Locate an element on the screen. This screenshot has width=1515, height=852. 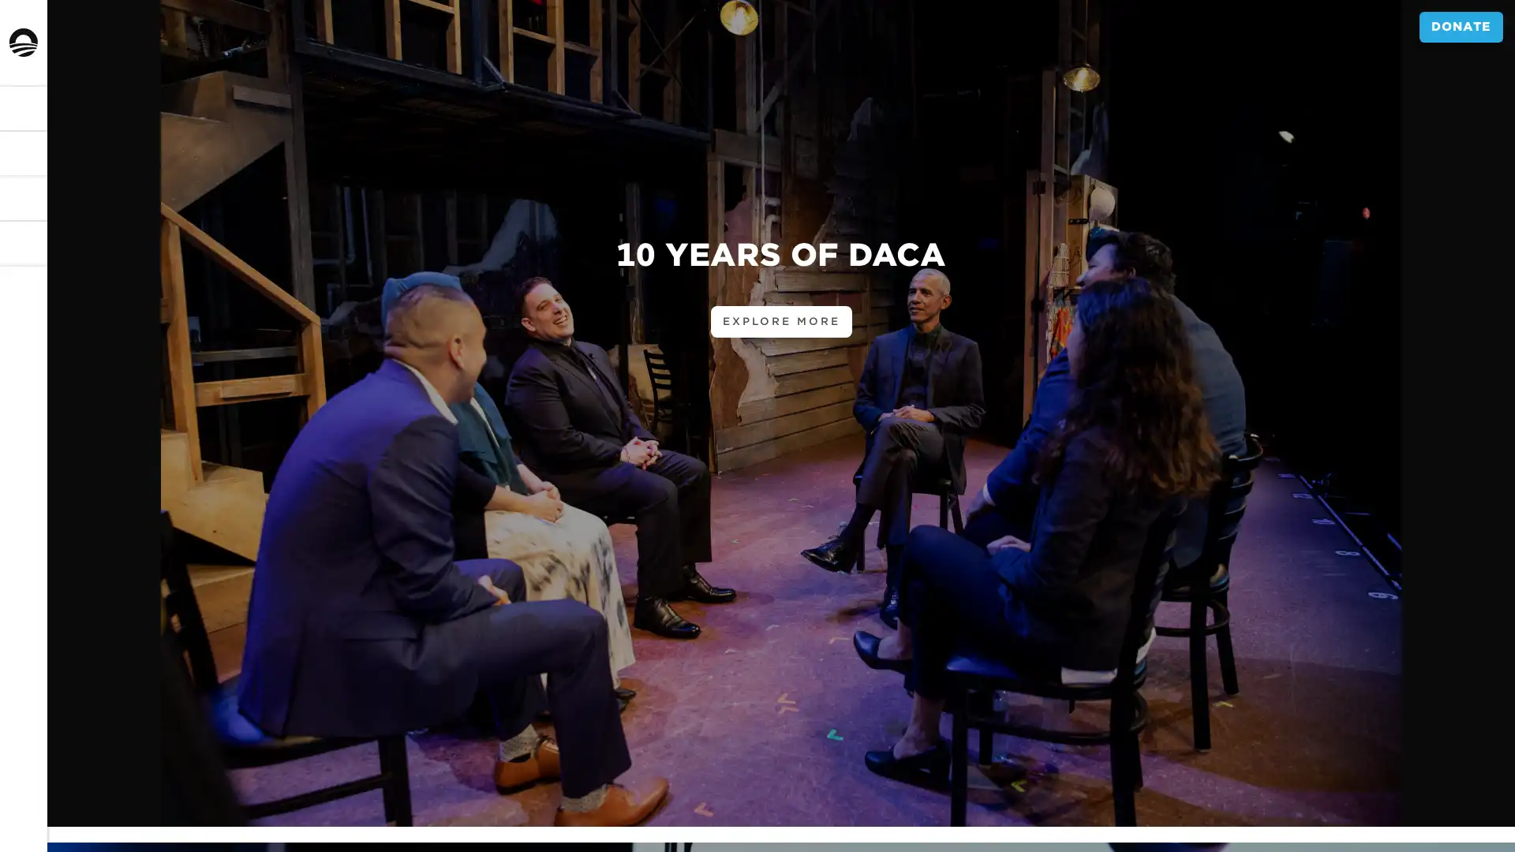
Sign up is located at coordinates (49, 484).